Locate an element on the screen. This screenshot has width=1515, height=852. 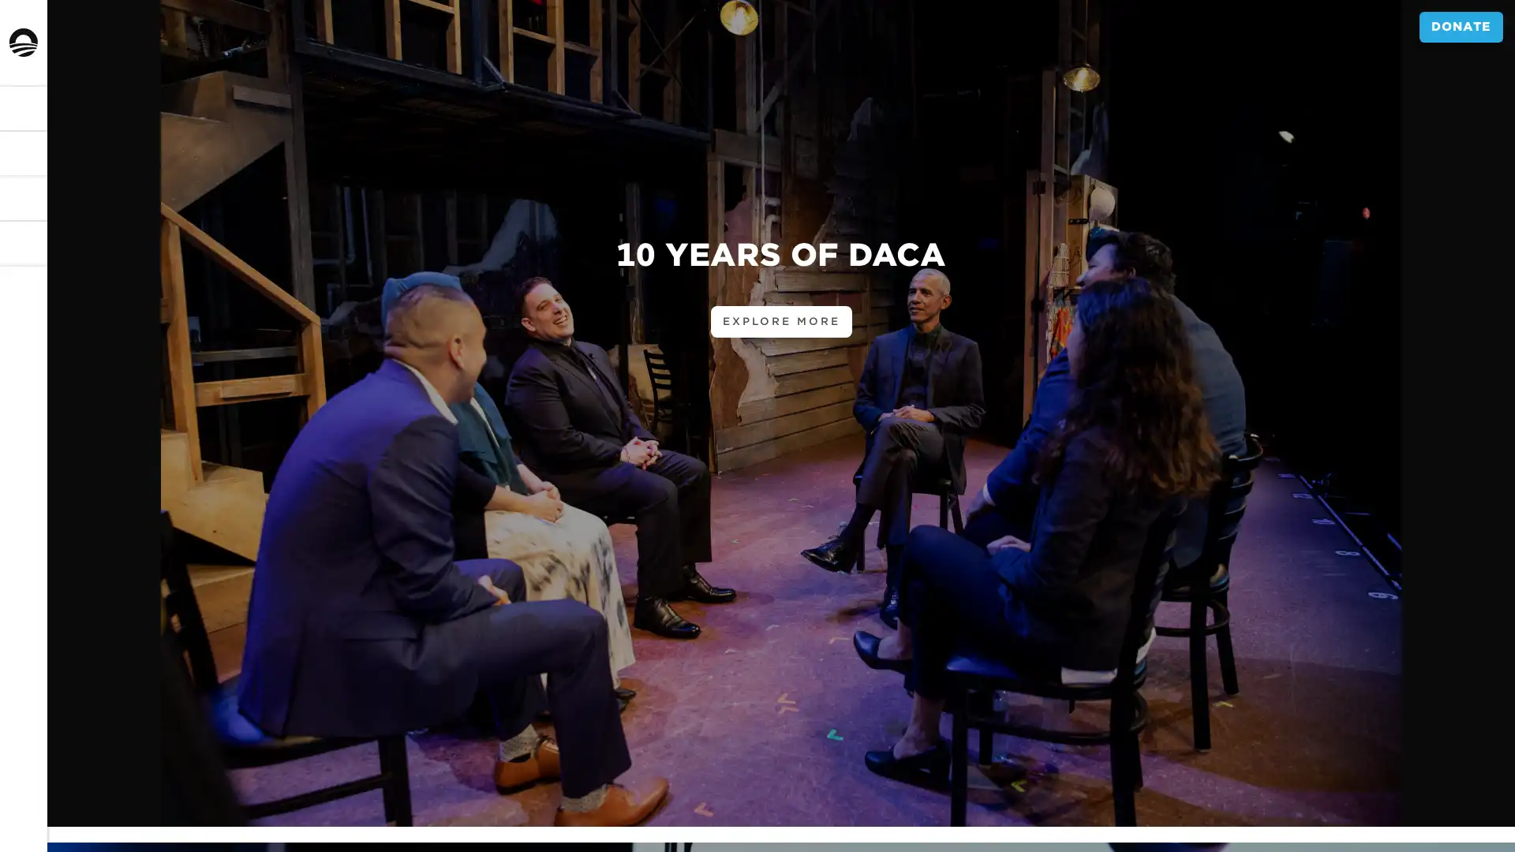
Sign up is located at coordinates (49, 484).